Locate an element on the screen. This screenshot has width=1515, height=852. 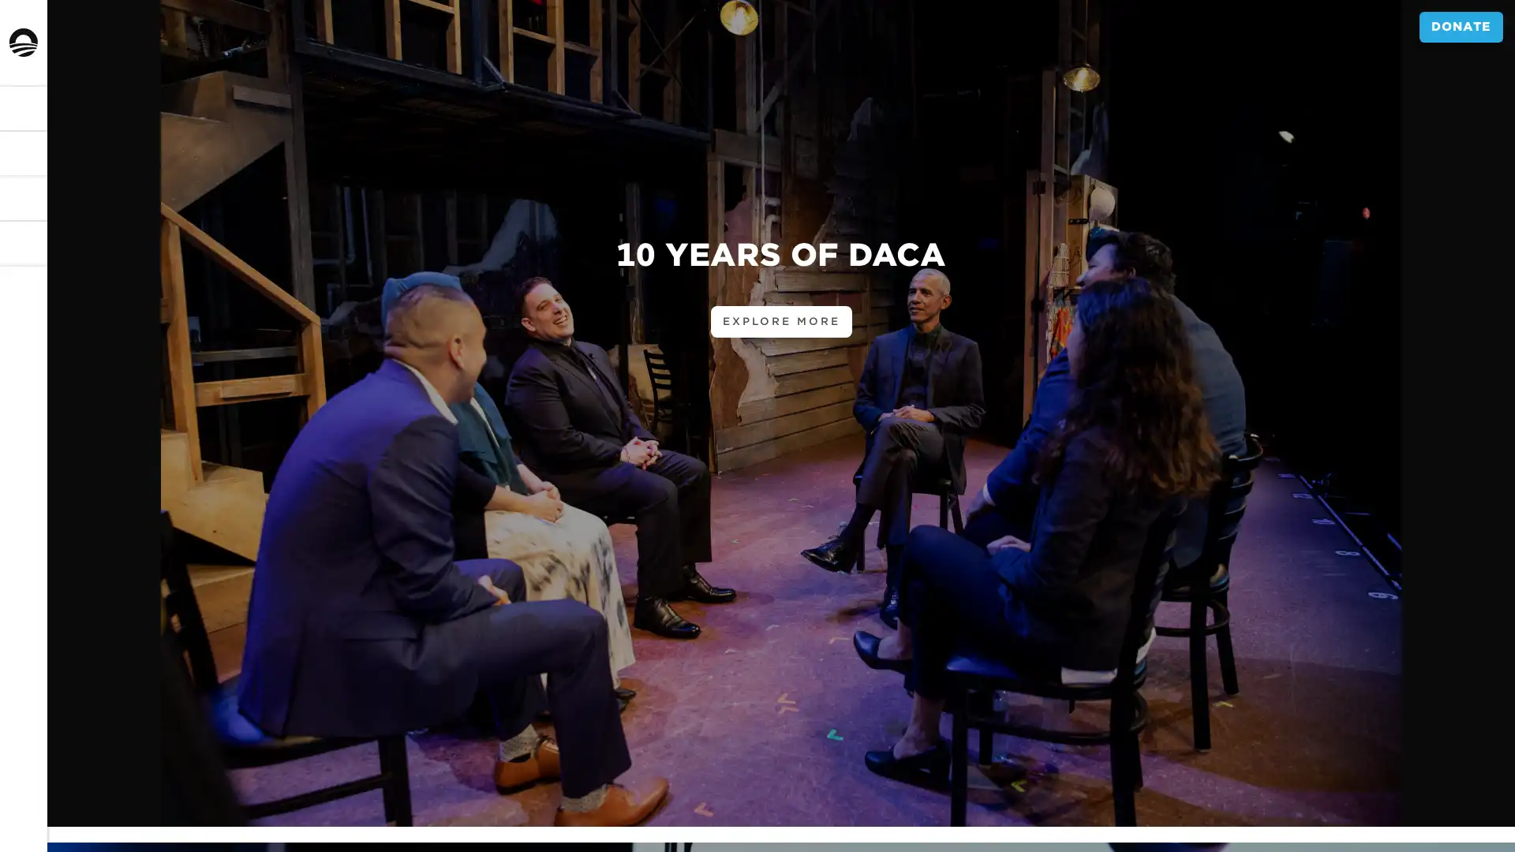
Sign up is located at coordinates (49, 484).